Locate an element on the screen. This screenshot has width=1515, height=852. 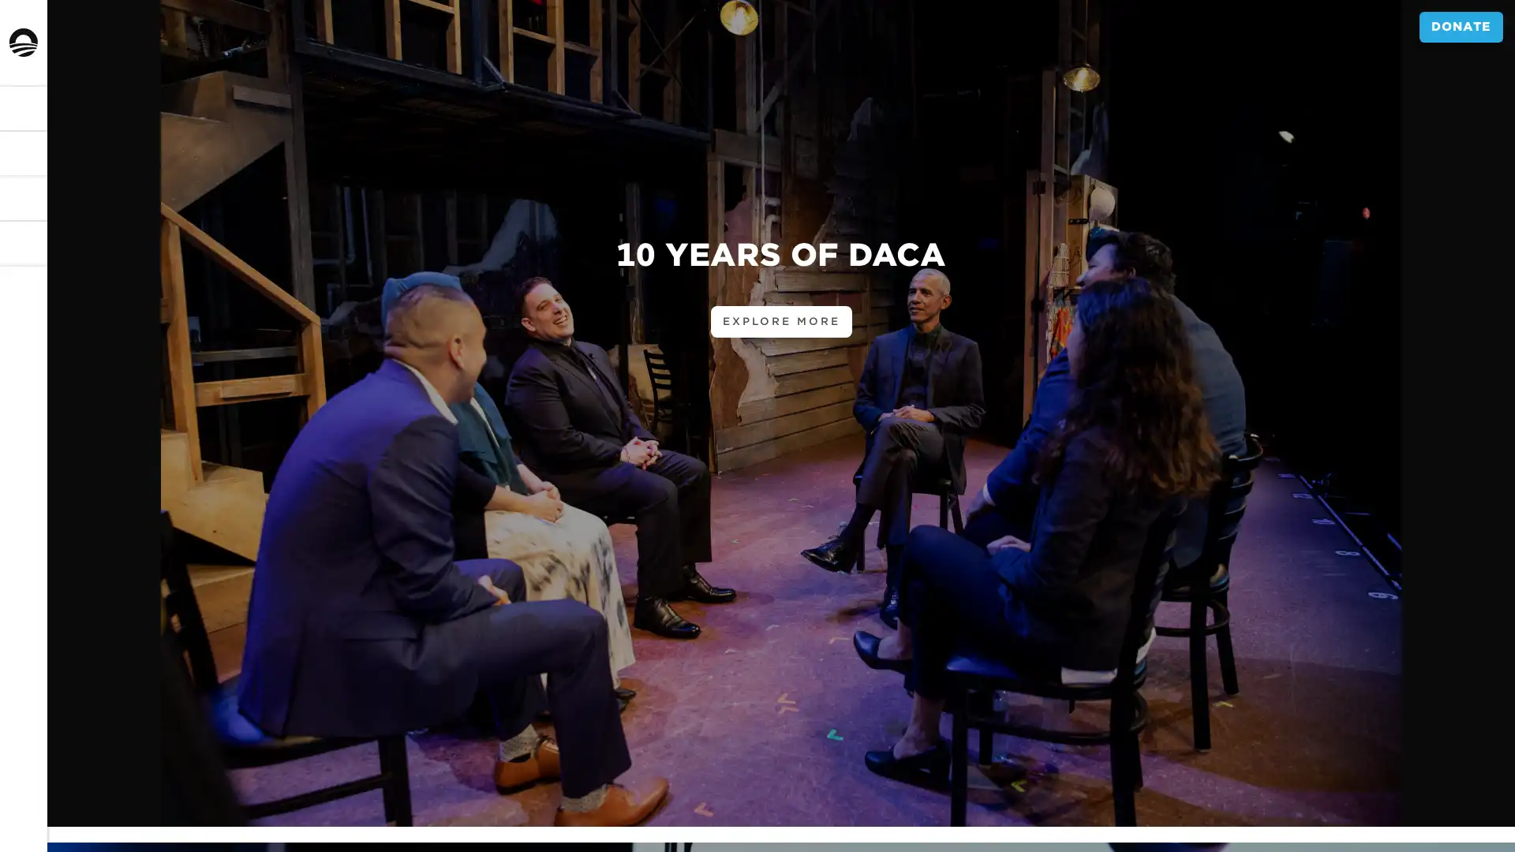
Sign up is located at coordinates (49, 484).